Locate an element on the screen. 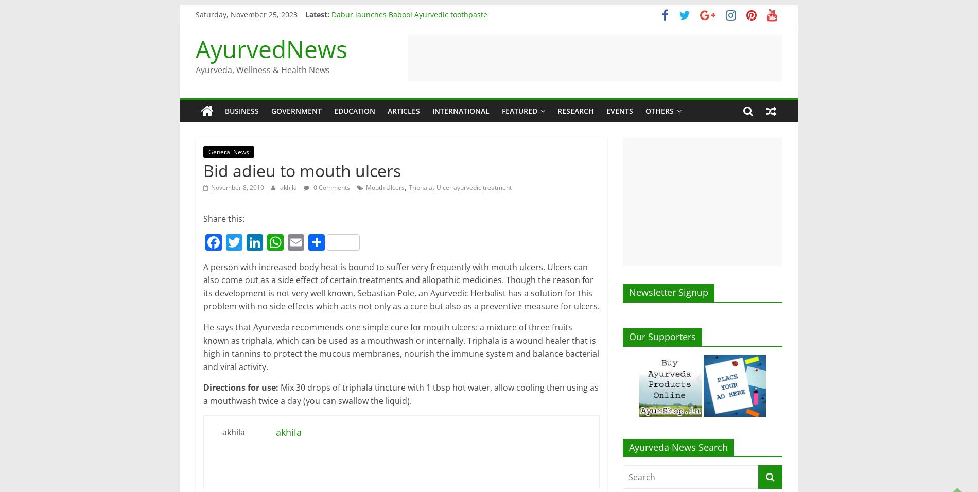 Image resolution: width=978 pixels, height=492 pixels. 'November 8, 2010' is located at coordinates (237, 187).